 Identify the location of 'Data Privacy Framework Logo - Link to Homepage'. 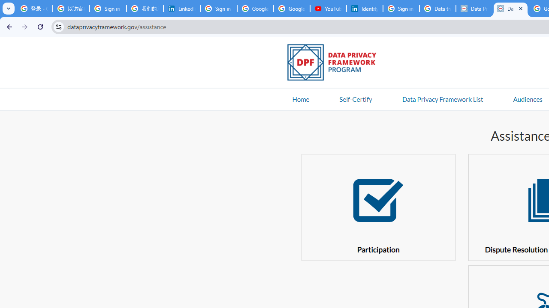
(336, 63).